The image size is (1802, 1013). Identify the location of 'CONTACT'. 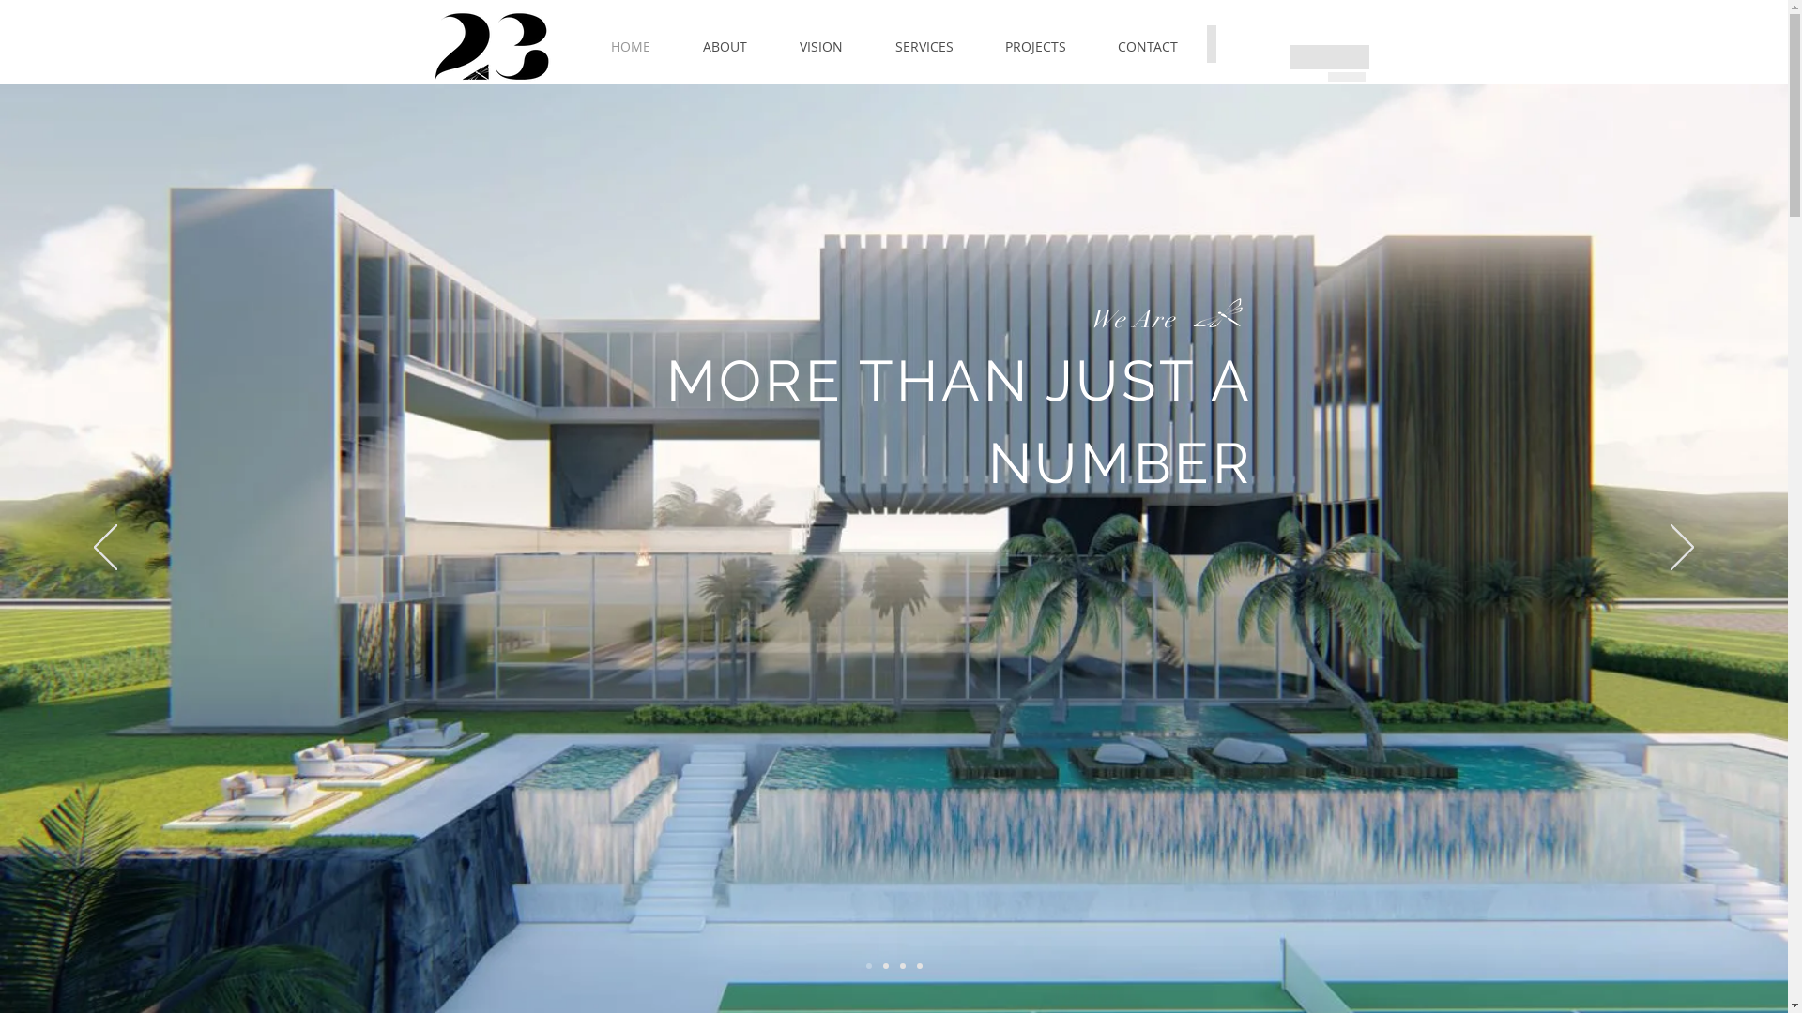
(1147, 45).